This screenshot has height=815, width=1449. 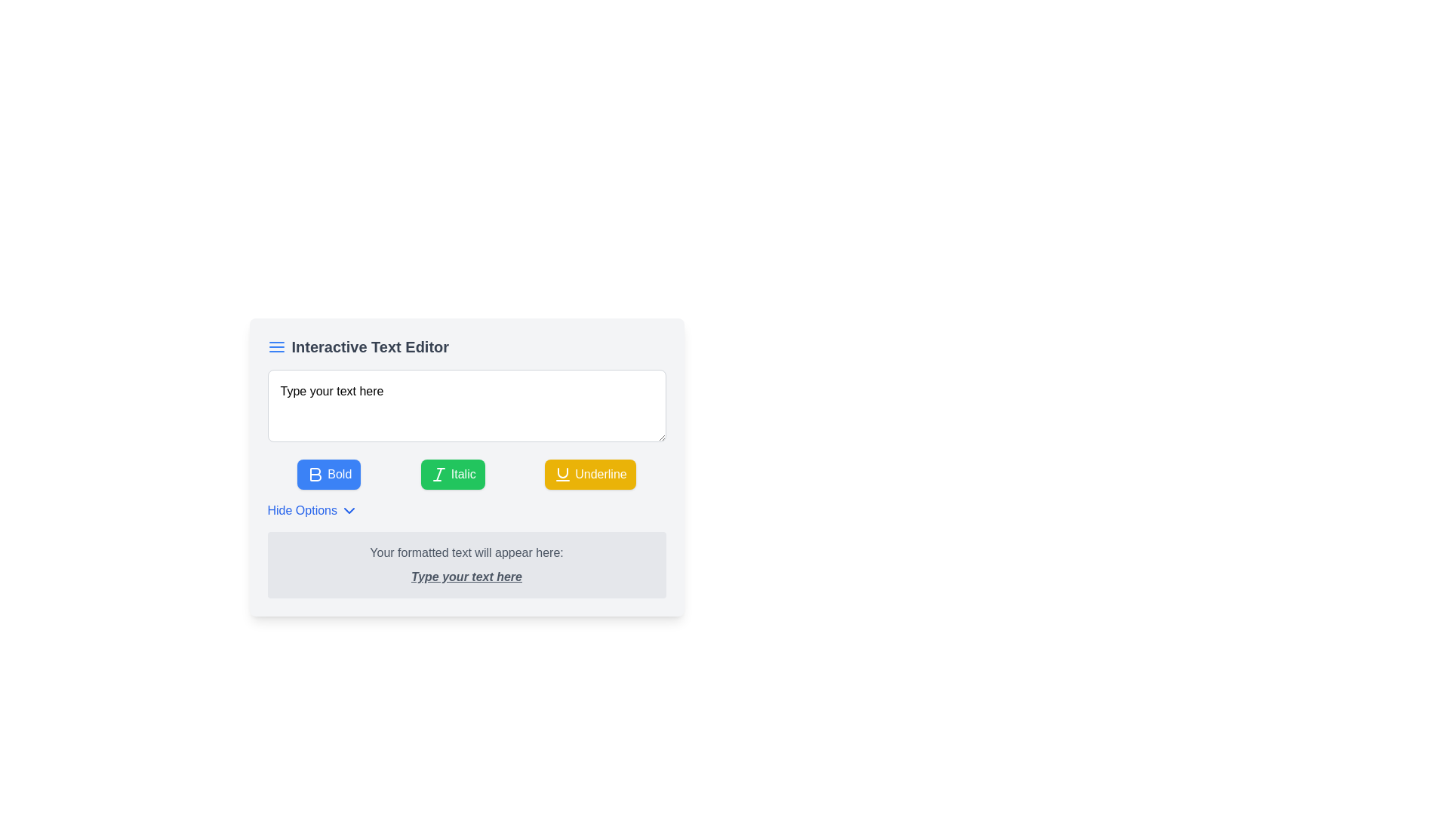 What do you see at coordinates (328, 473) in the screenshot?
I see `the 'Bold' button with a blue background and white bold text` at bounding box center [328, 473].